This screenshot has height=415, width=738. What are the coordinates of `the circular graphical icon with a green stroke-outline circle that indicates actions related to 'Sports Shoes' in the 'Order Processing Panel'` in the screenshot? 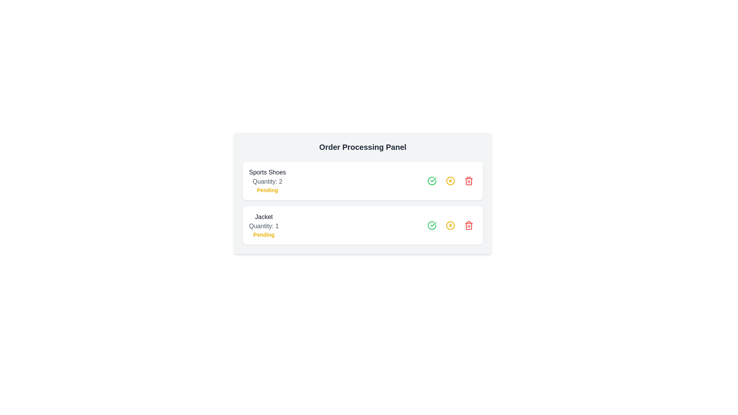 It's located at (432, 225).